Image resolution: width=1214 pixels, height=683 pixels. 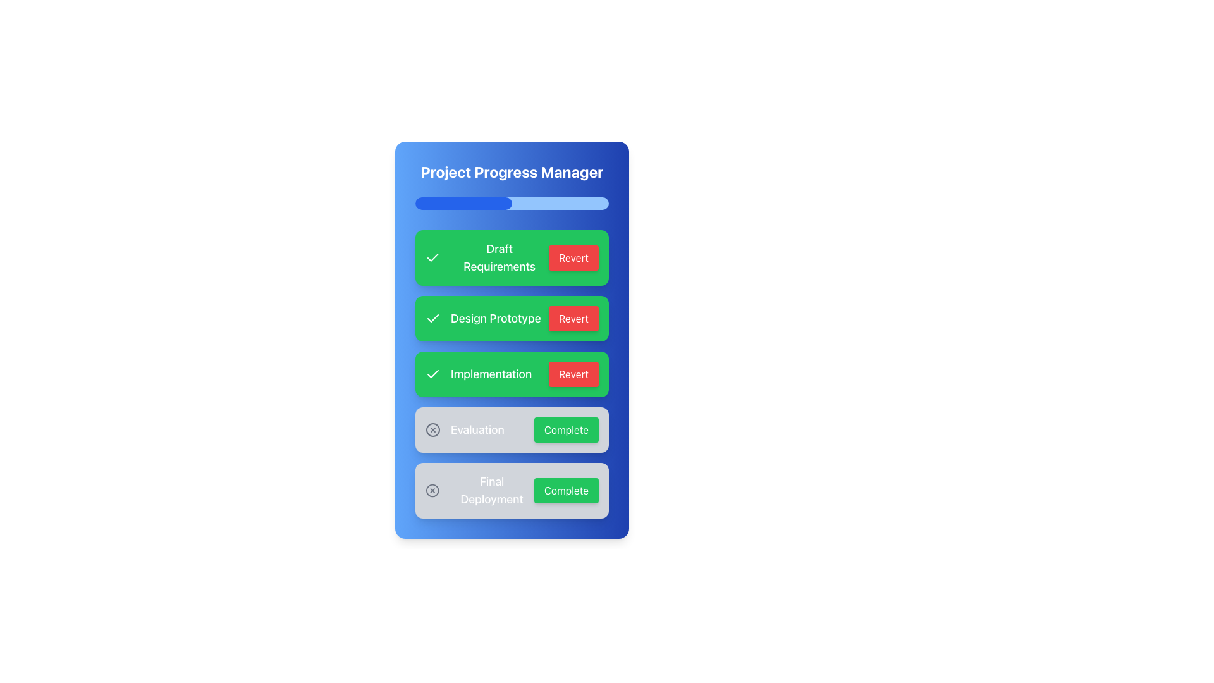 I want to click on the 'Implementation' label in the Project Progress Manager, which is the third label in a vertical list of progress stages, so click(x=491, y=373).